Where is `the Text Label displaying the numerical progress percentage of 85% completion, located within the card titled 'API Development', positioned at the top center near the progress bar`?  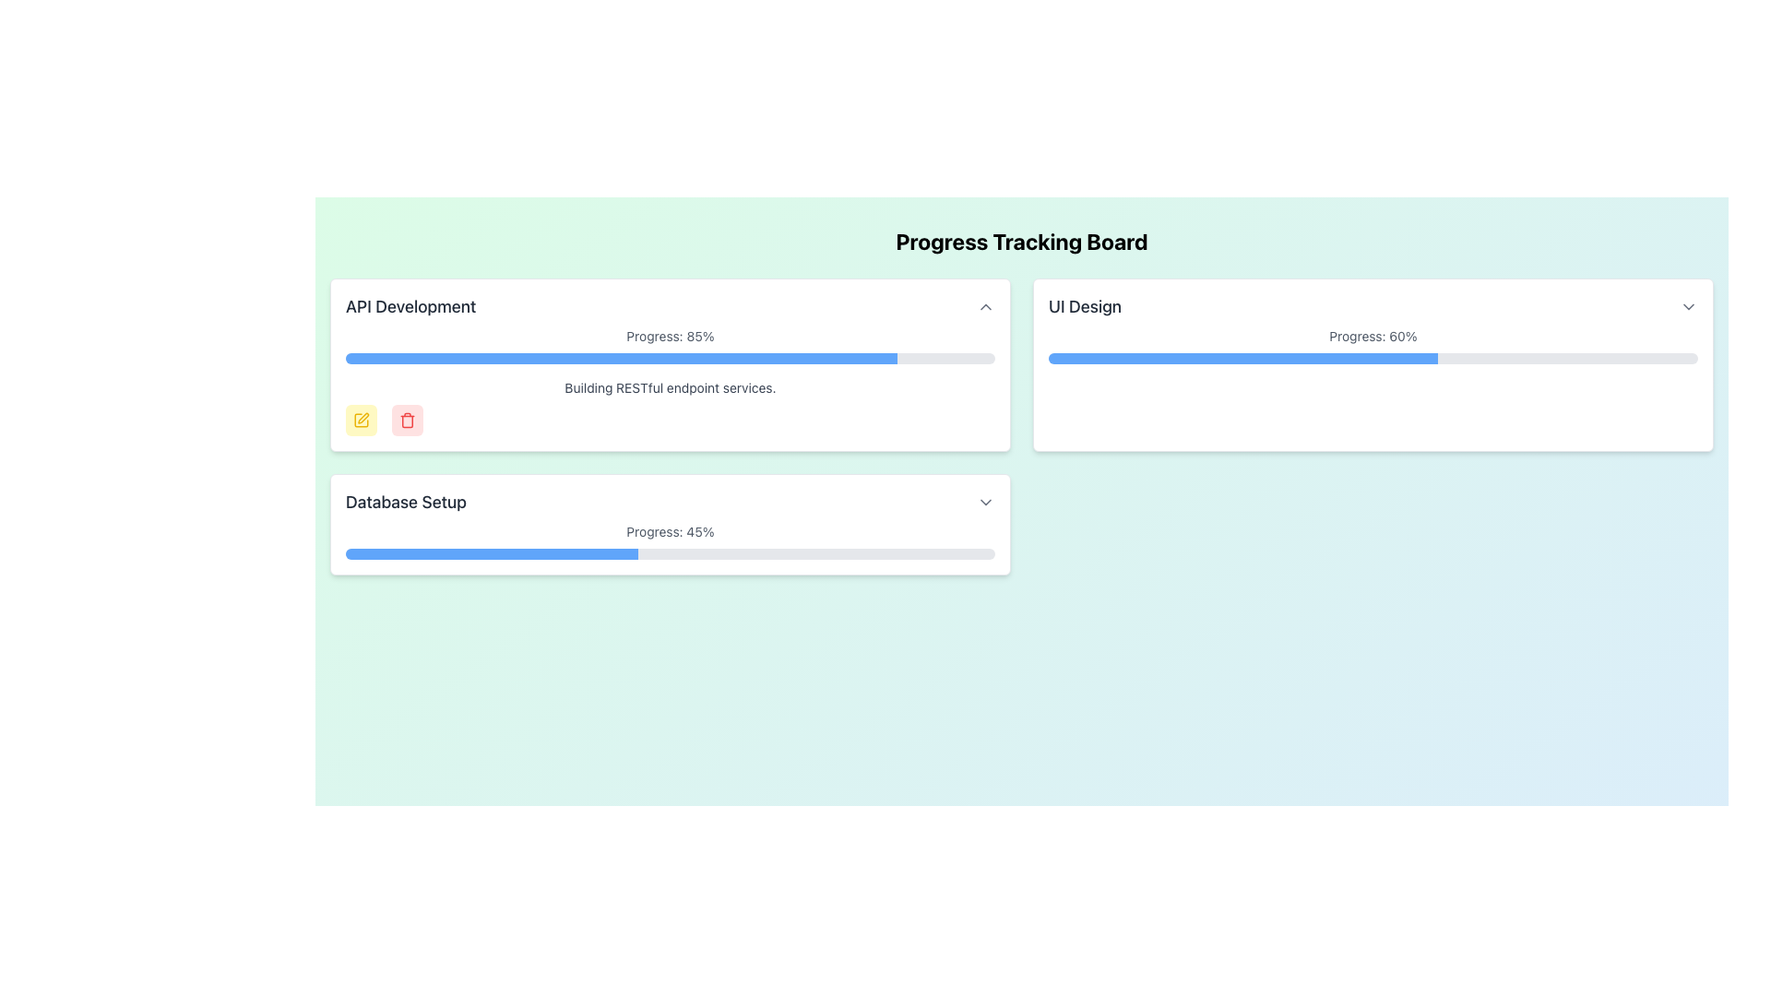
the Text Label displaying the numerical progress percentage of 85% completion, located within the card titled 'API Development', positioned at the top center near the progress bar is located at coordinates (669, 337).